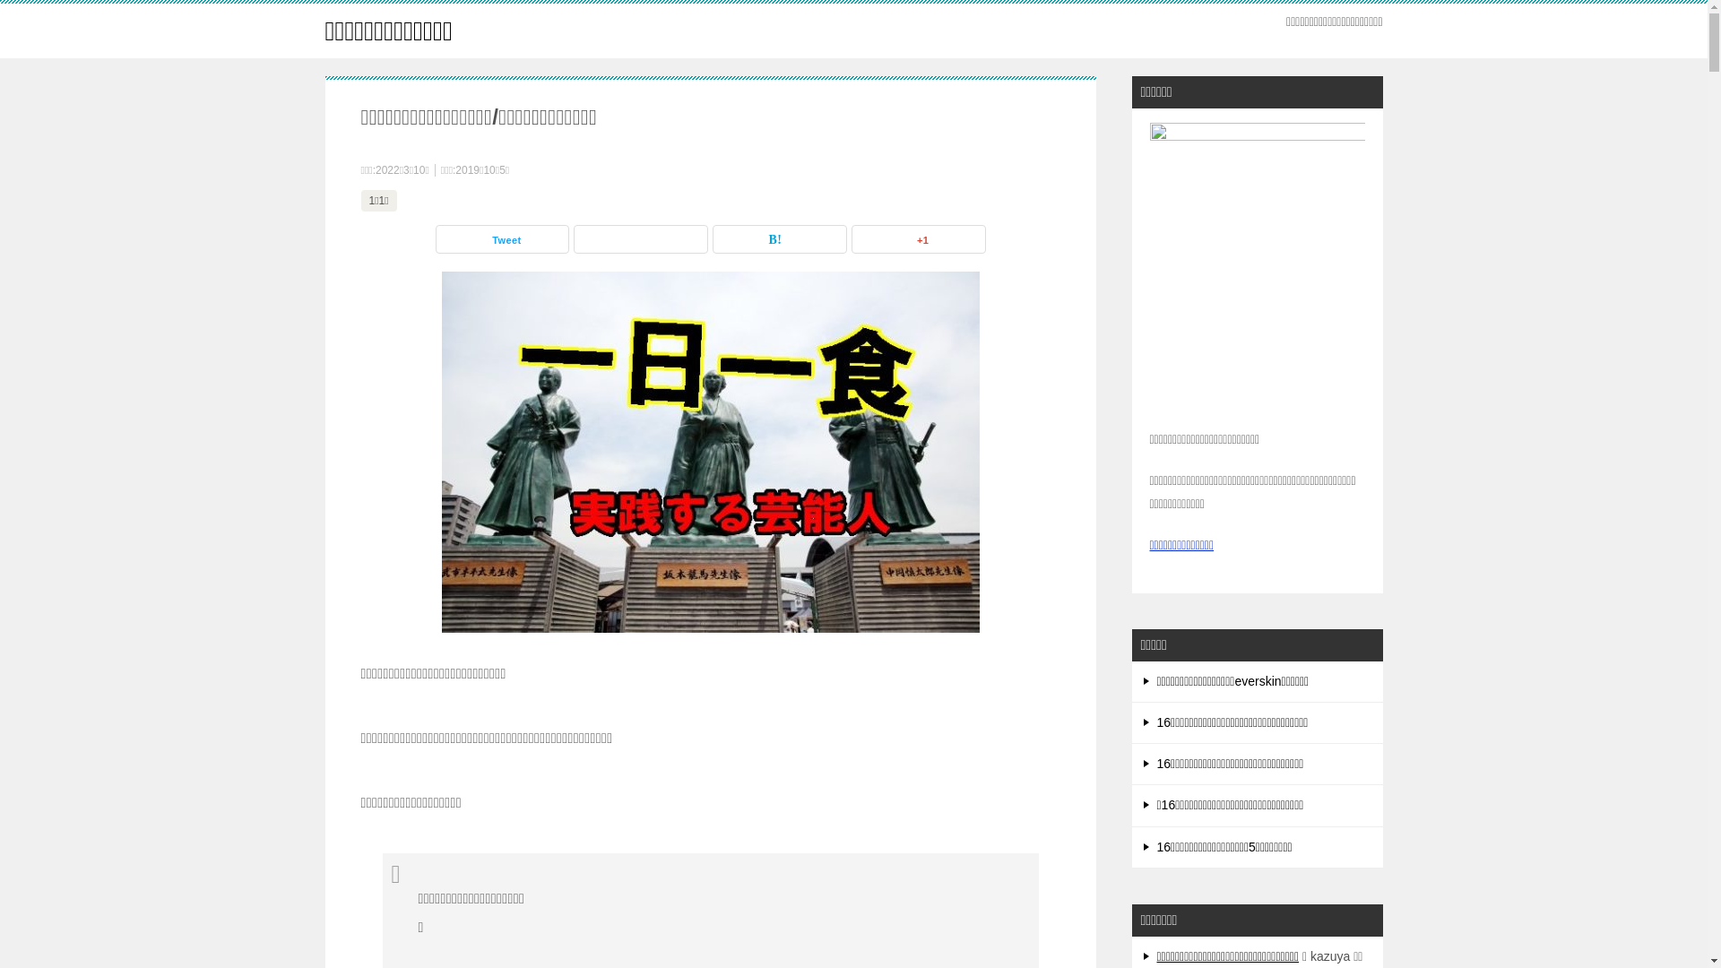  What do you see at coordinates (919, 238) in the screenshot?
I see `'+1'` at bounding box center [919, 238].